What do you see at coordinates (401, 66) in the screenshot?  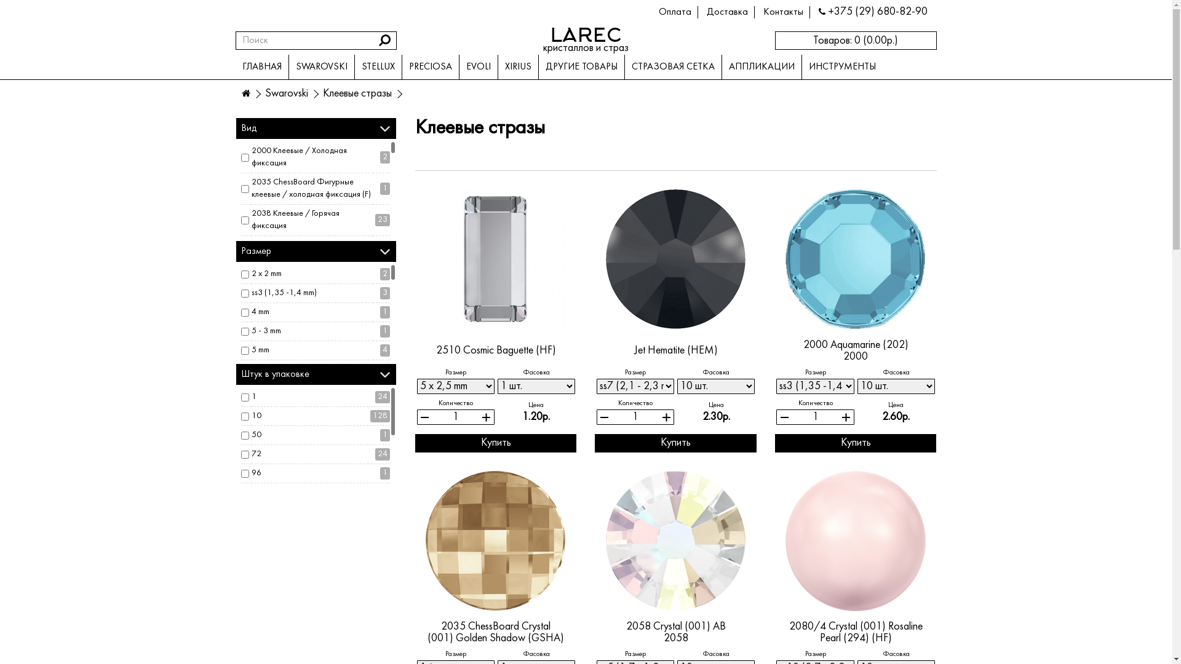 I see `'PRECIOSA'` at bounding box center [401, 66].